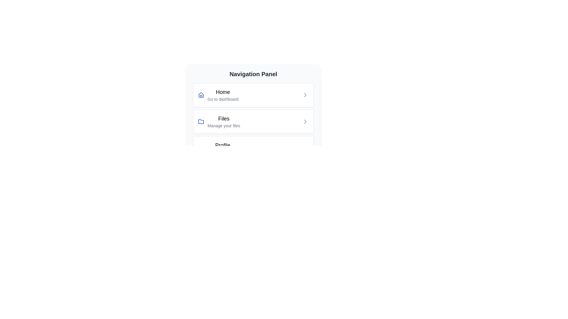  Describe the element at coordinates (305, 95) in the screenshot. I see `the chevron icon located at the far-right edge of the 'Home' navigation card, which indicates forward navigation` at that location.